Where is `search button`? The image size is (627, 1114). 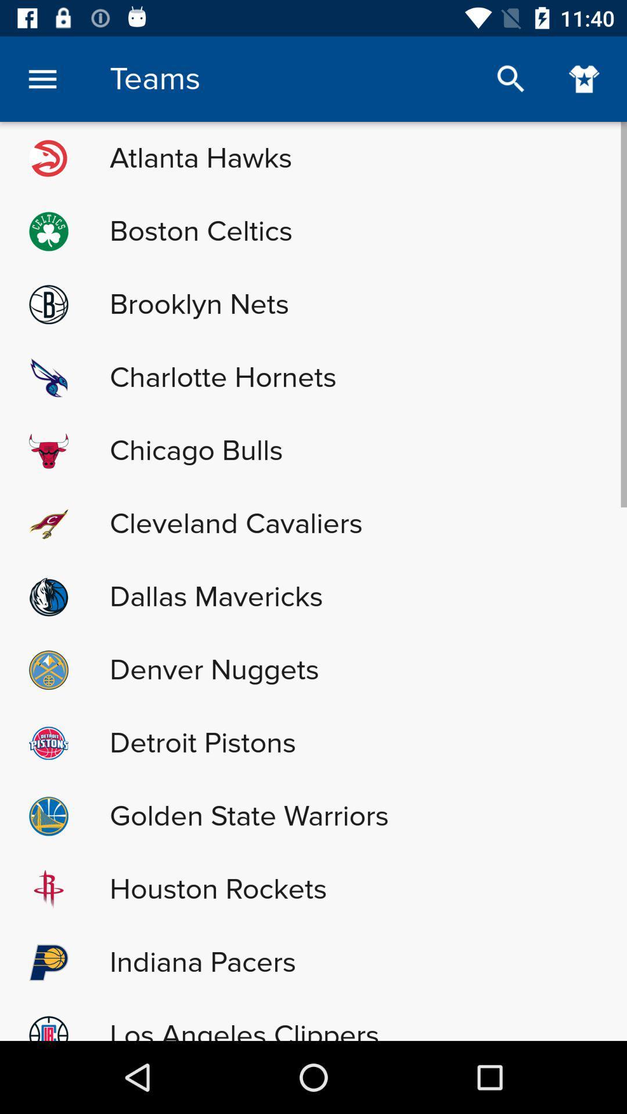 search button is located at coordinates (510, 78).